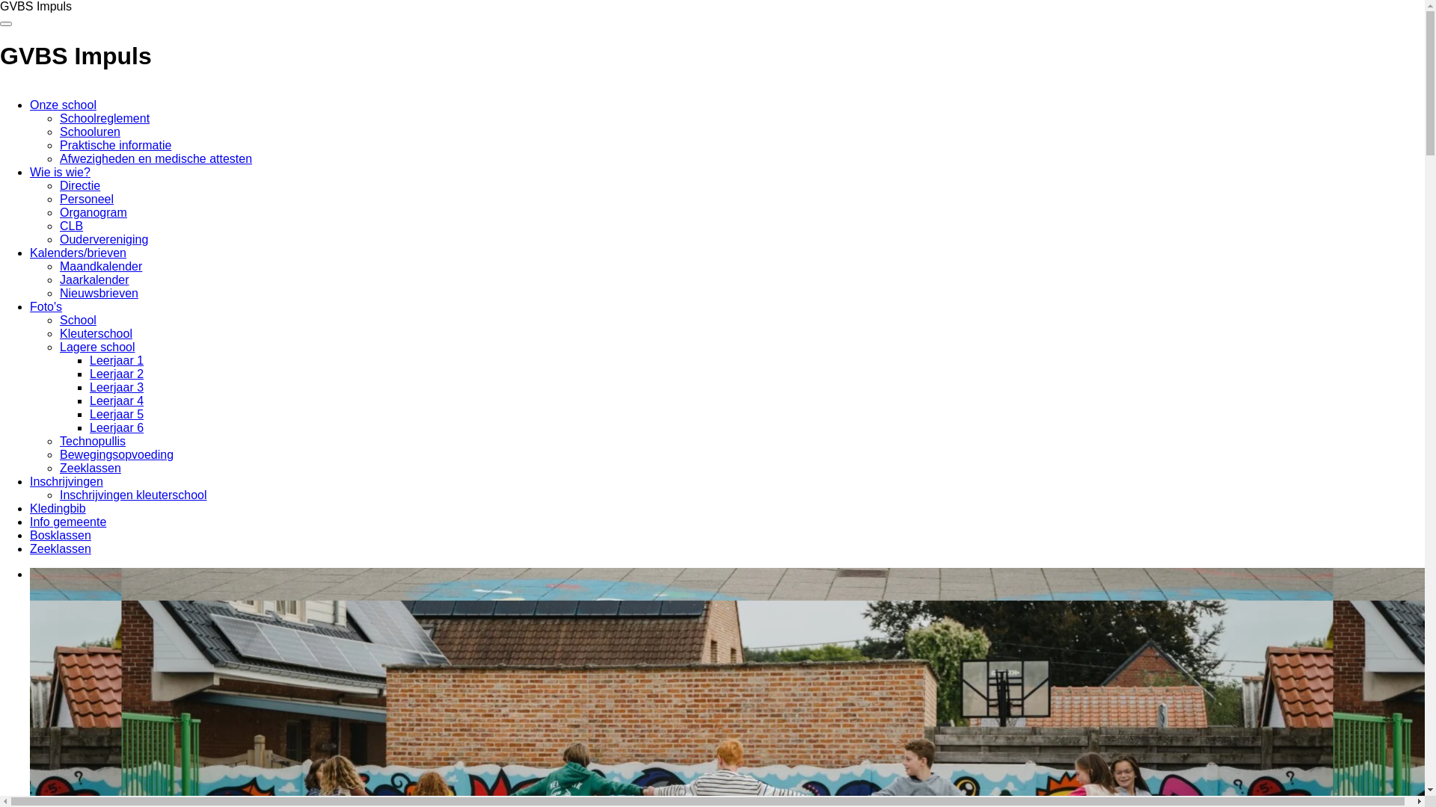 The width and height of the screenshot is (1436, 807). What do you see at coordinates (156, 158) in the screenshot?
I see `'Afwezigheden en medische attesten'` at bounding box center [156, 158].